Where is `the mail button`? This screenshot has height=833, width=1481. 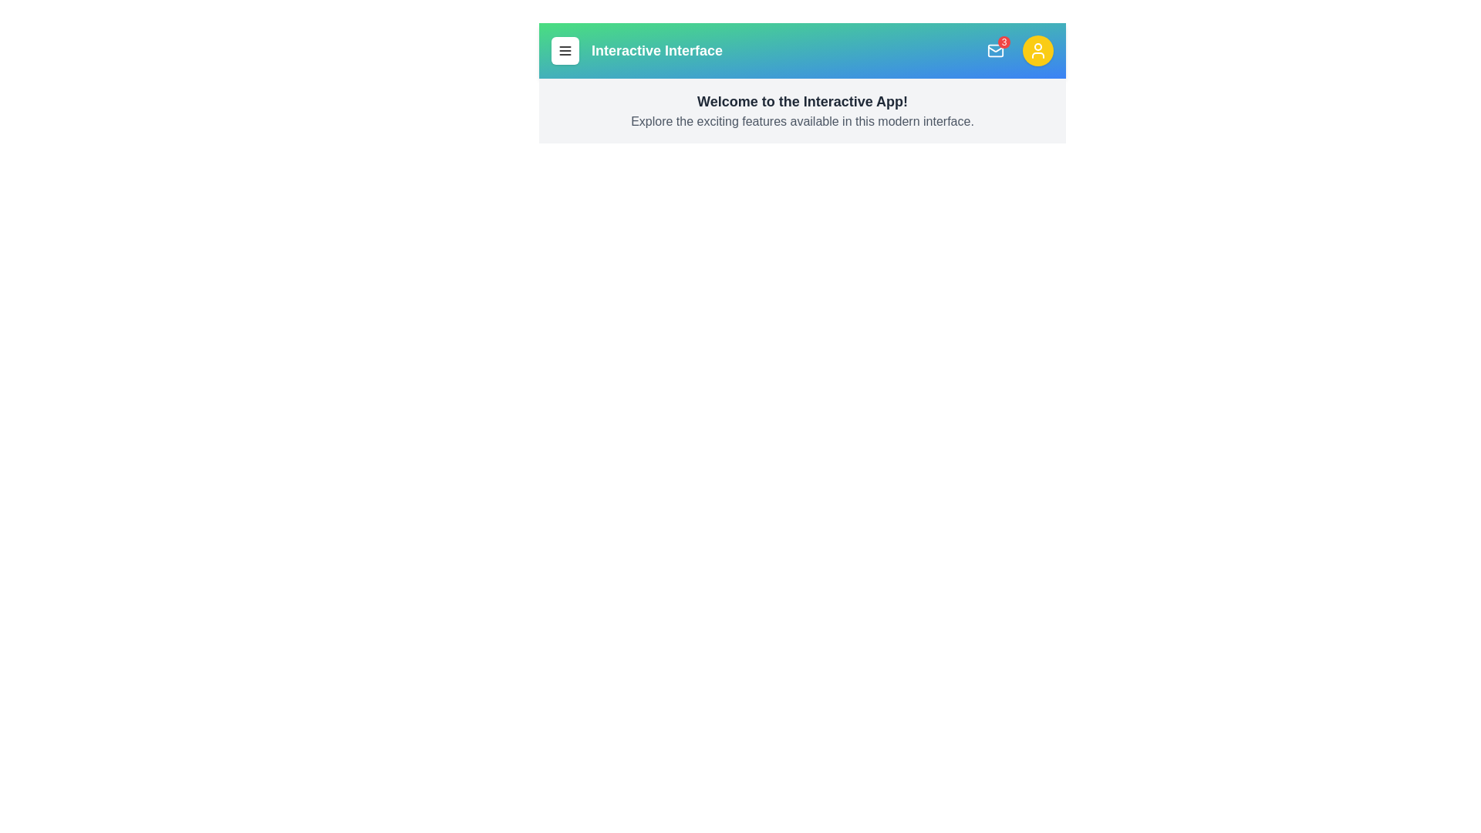 the mail button is located at coordinates (996, 49).